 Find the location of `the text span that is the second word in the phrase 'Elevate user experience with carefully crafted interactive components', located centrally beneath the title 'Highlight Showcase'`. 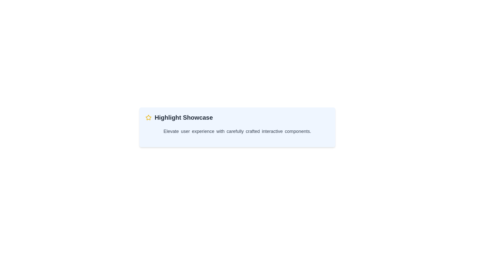

the text span that is the second word in the phrase 'Elevate user experience with carefully crafted interactive components', located centrally beneath the title 'Highlight Showcase' is located at coordinates (185, 131).